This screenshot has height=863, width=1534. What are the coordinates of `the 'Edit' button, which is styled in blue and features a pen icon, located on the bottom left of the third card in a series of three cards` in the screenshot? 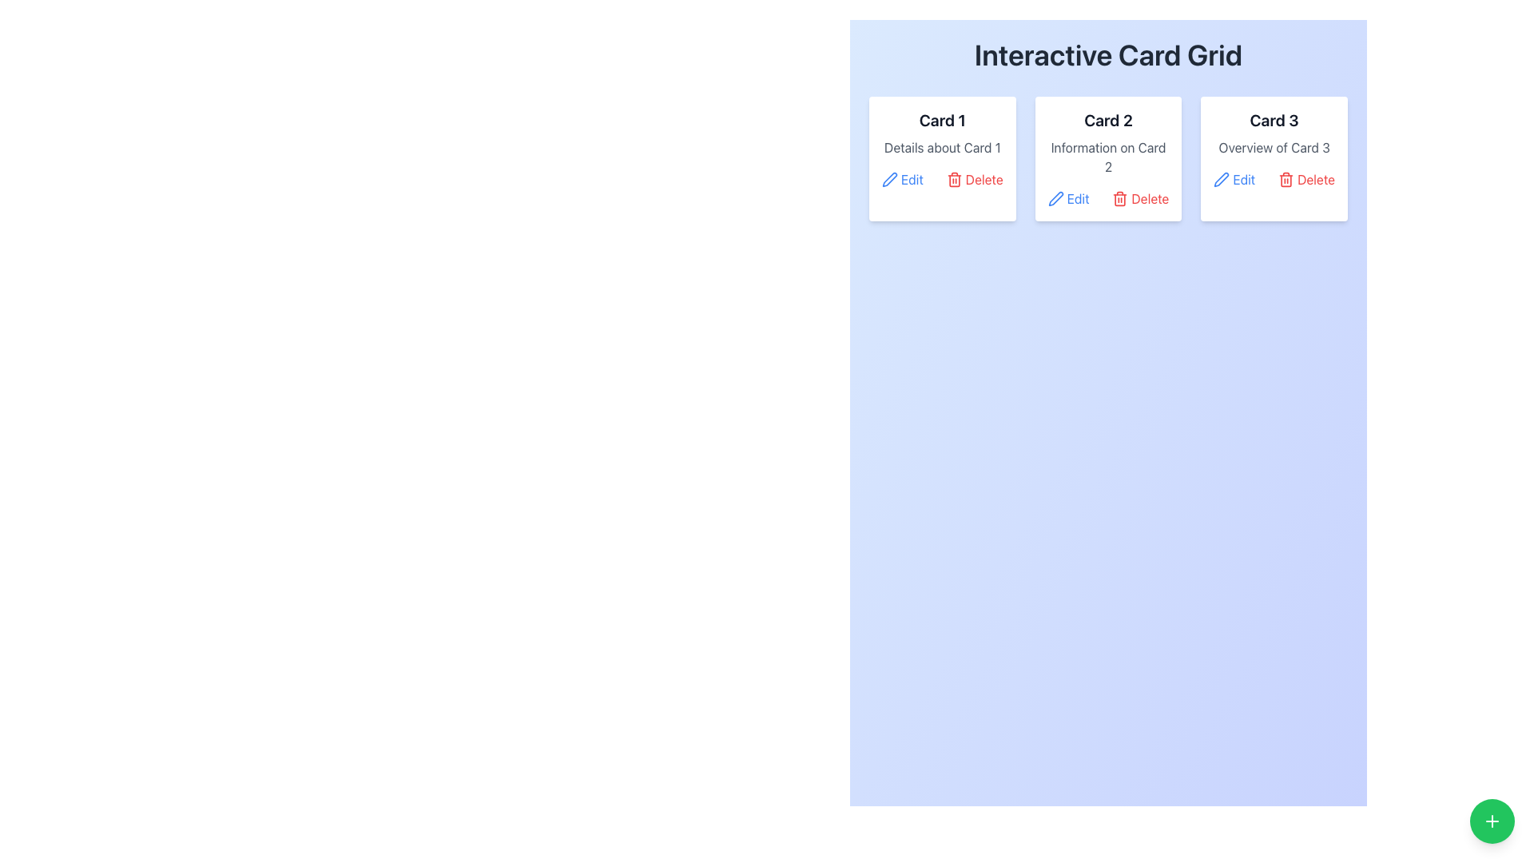 It's located at (1234, 179).